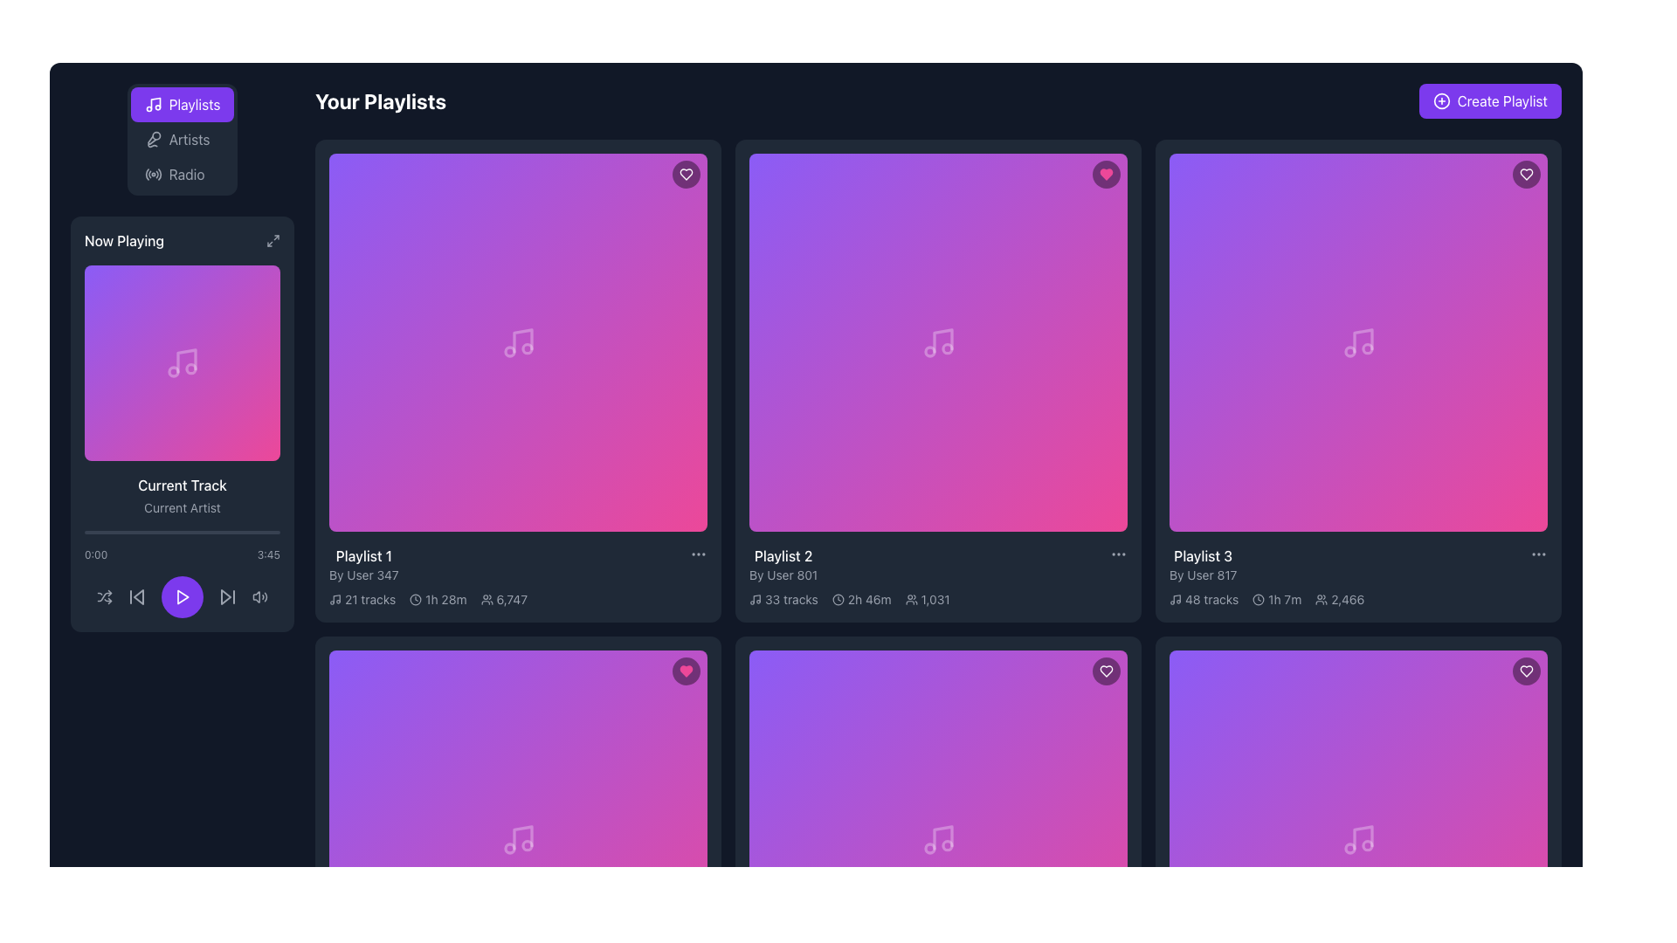 The image size is (1677, 943). I want to click on the Play Button, which is a circular button with a purple background and a white triangular play icon located in the center of the playback controls bar below the 'Current Track' information display, so click(183, 595).